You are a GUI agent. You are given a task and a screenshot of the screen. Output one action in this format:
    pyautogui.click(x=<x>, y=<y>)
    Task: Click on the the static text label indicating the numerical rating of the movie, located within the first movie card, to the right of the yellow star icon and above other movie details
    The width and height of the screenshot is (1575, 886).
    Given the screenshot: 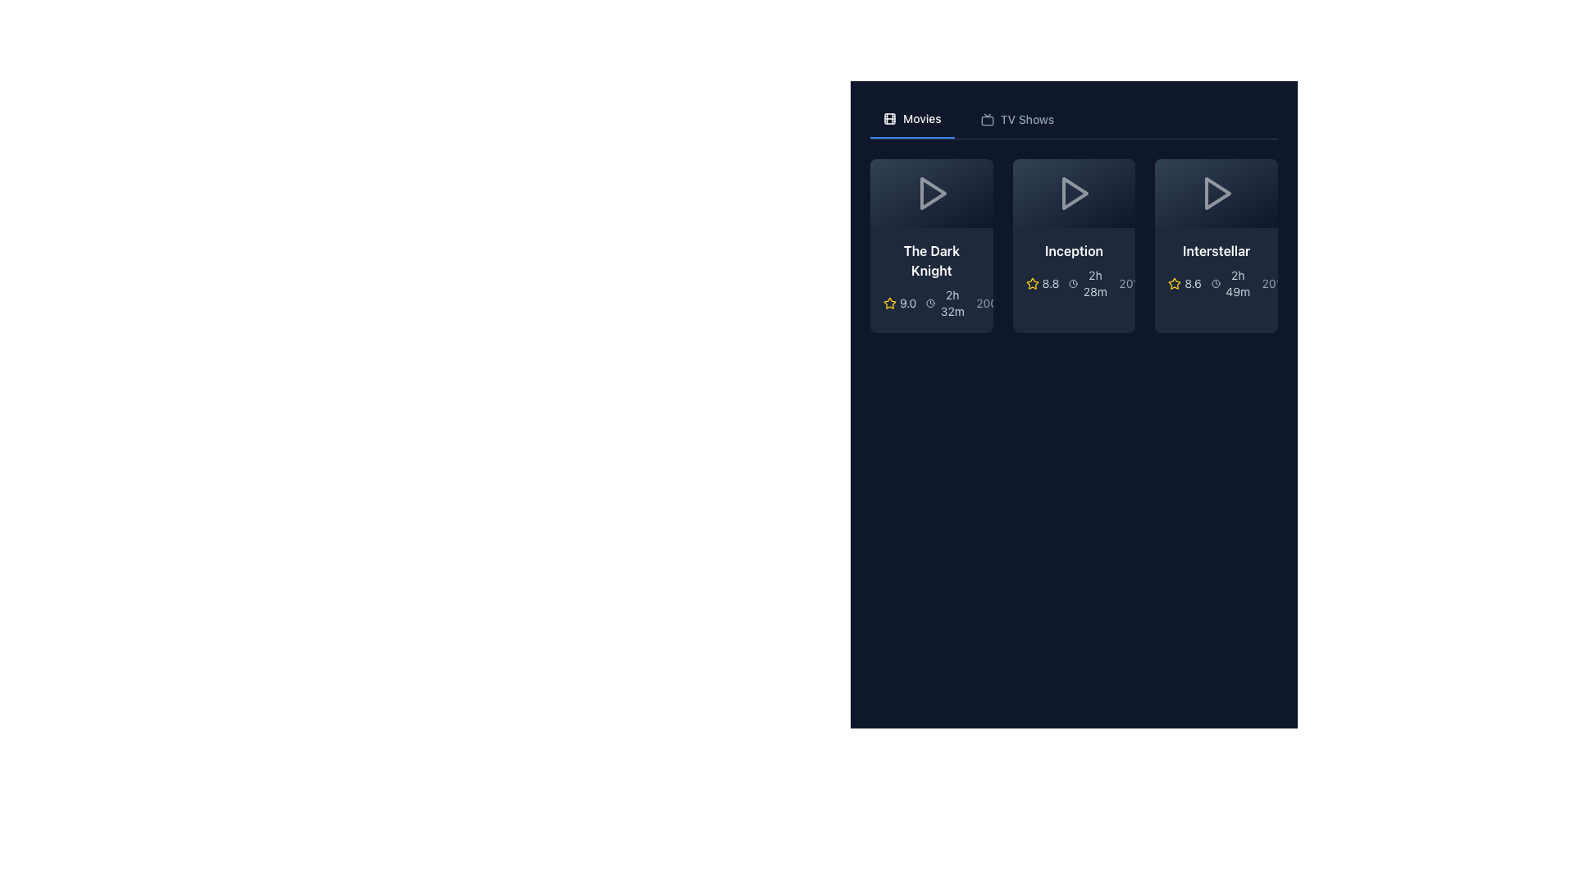 What is the action you would take?
    pyautogui.click(x=899, y=304)
    